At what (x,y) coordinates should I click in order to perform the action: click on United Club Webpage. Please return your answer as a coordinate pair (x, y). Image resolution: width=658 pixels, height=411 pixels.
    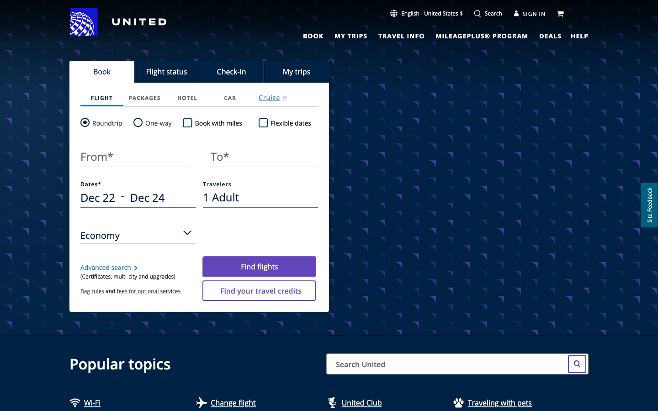
    Looking at the image, I should click on (382, 404).